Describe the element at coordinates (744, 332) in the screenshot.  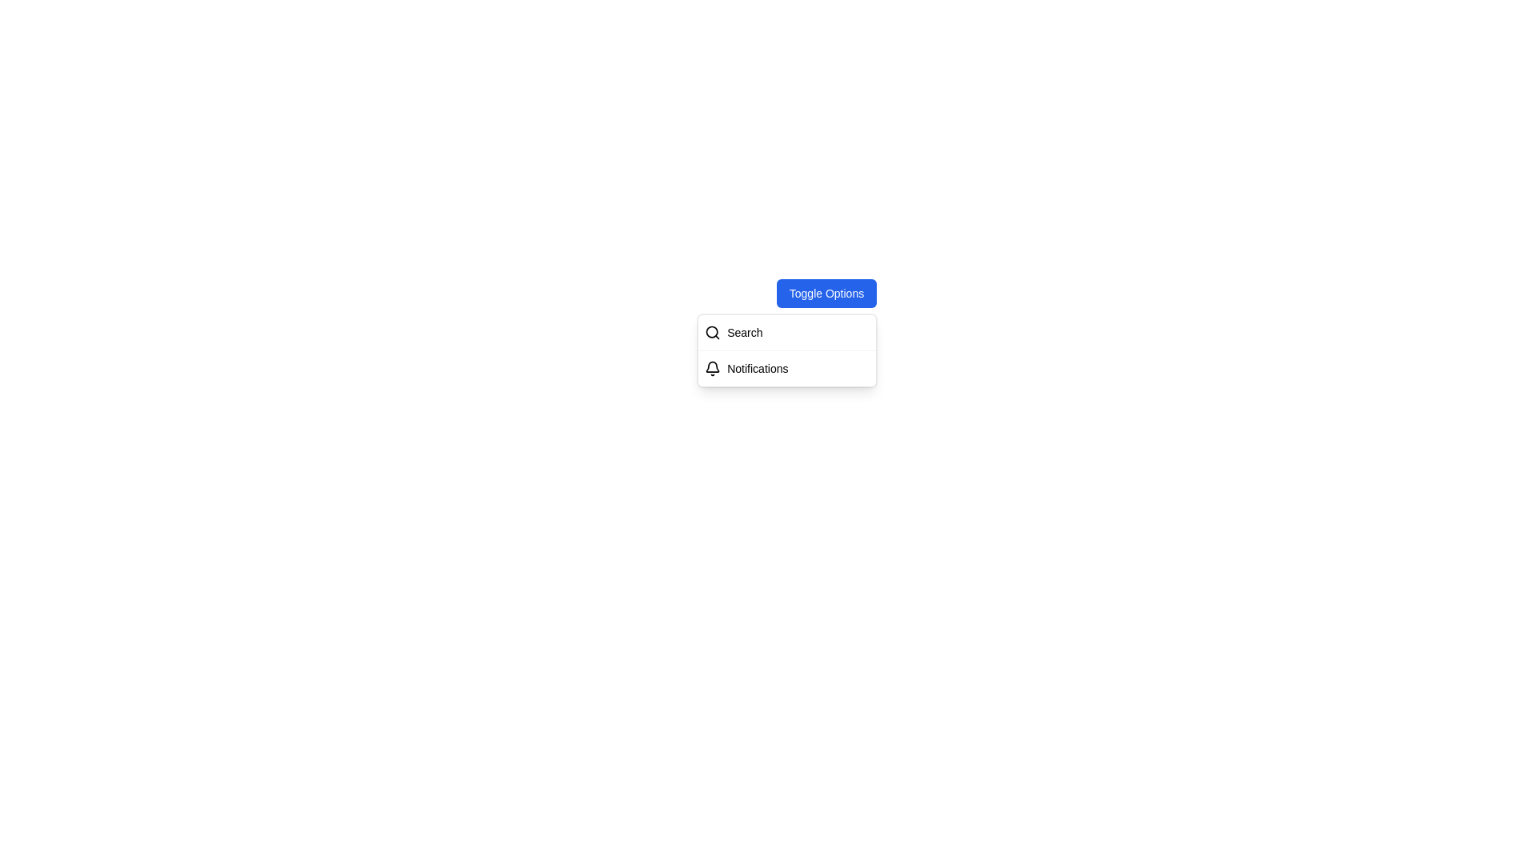
I see `the 'Search' text label, which is black and positioned in a dropdown menu below the 'Toggle Options' button, next to a magnifying glass icon` at that location.